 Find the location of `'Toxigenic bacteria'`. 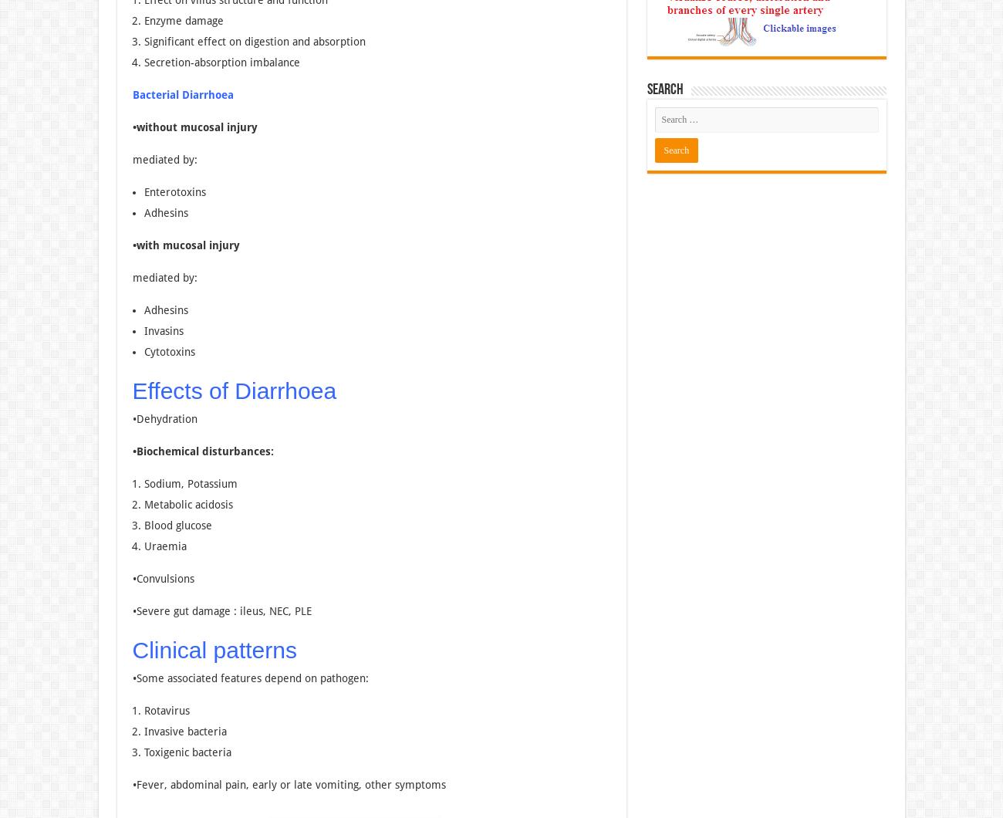

'Toxigenic bacteria' is located at coordinates (186, 751).